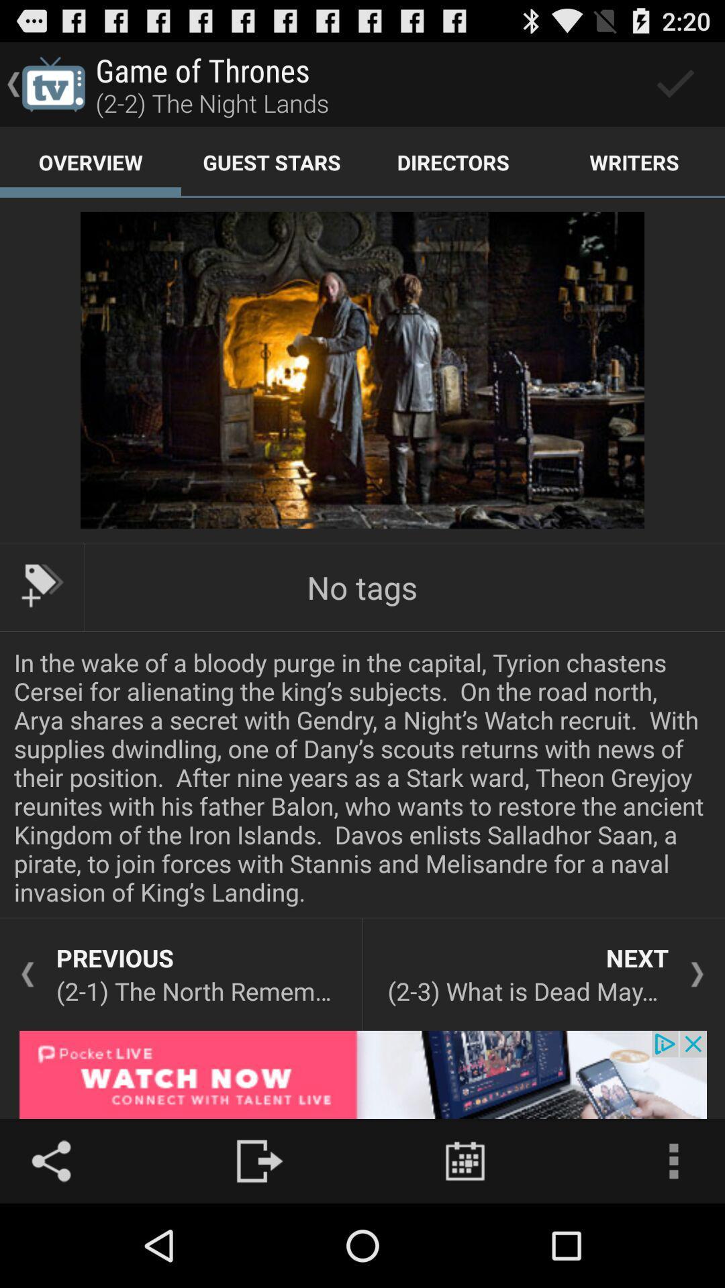 The height and width of the screenshot is (1288, 725). I want to click on open advertisement, so click(362, 1075).